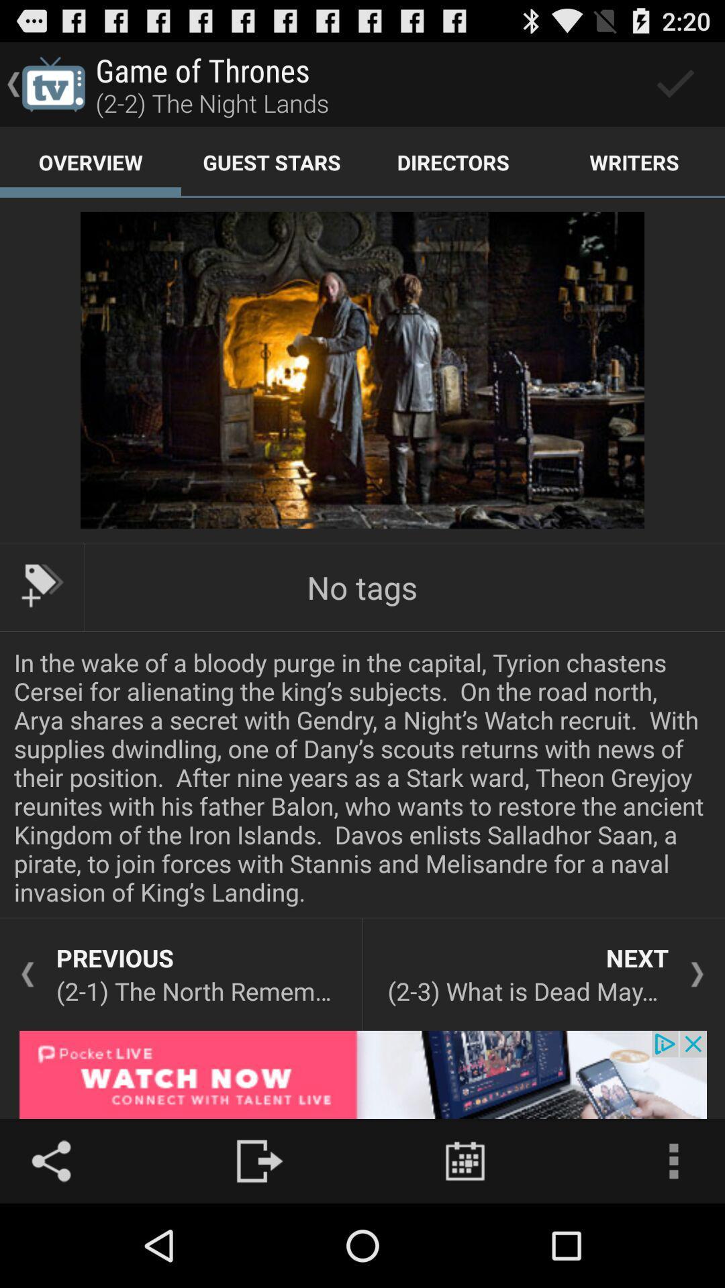 The height and width of the screenshot is (1288, 725). I want to click on open advertisement, so click(362, 1075).